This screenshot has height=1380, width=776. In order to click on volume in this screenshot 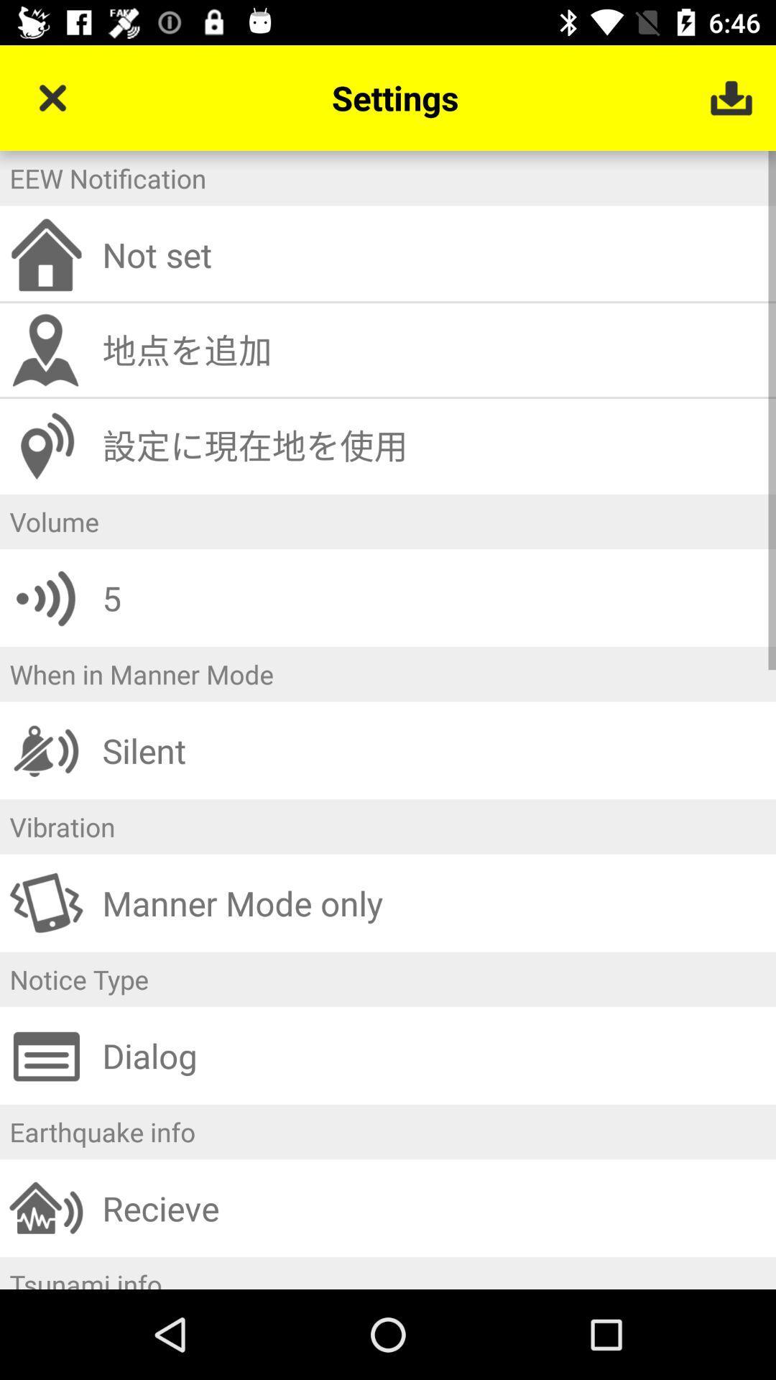, I will do `click(388, 520)`.